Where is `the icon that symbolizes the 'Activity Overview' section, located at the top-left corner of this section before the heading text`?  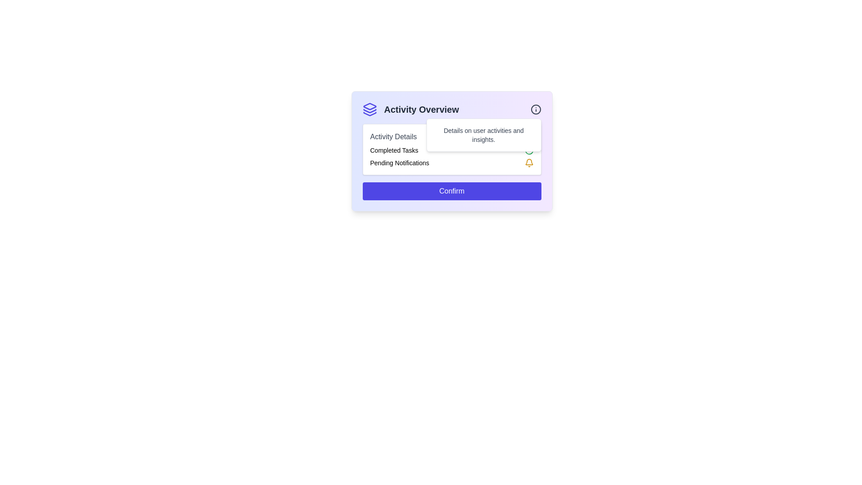 the icon that symbolizes the 'Activity Overview' section, located at the top-left corner of this section before the heading text is located at coordinates (369, 109).